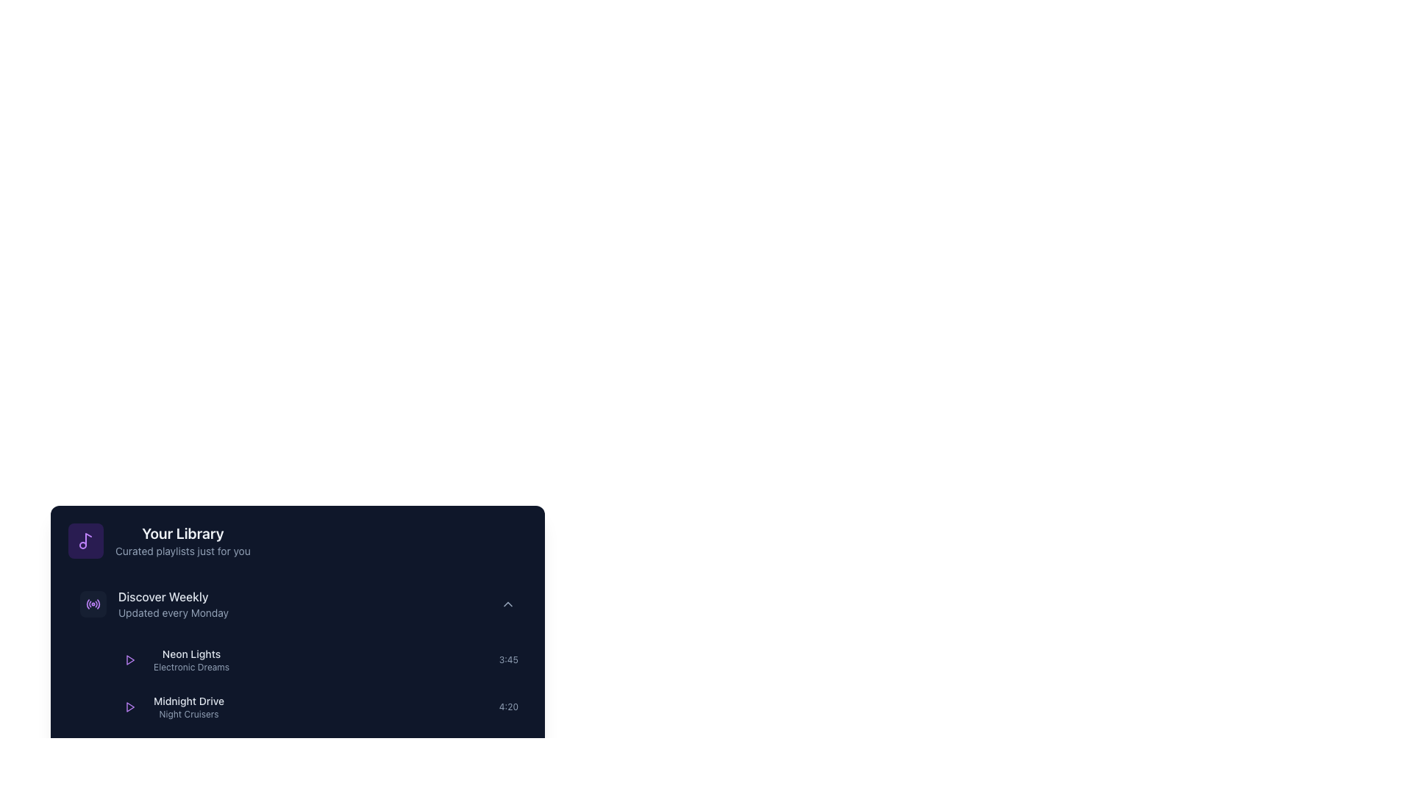 This screenshot has width=1412, height=794. I want to click on the text block displaying 'Midnight Drive' and 'Night Cruisers', so click(171, 706).